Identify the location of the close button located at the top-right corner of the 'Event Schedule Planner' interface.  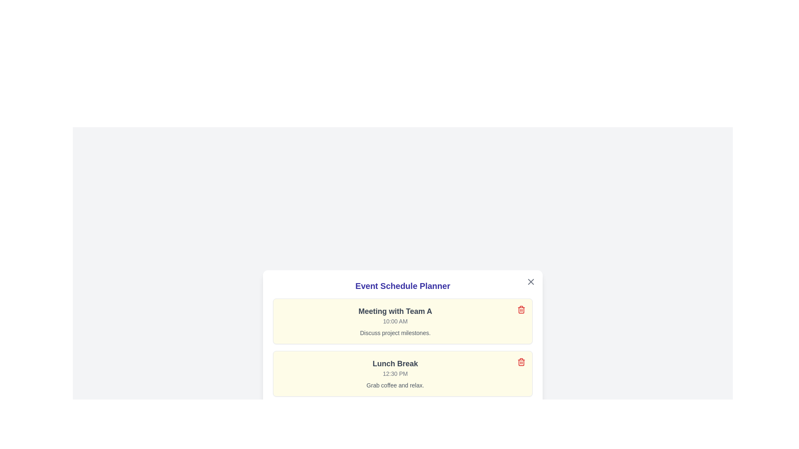
(531, 281).